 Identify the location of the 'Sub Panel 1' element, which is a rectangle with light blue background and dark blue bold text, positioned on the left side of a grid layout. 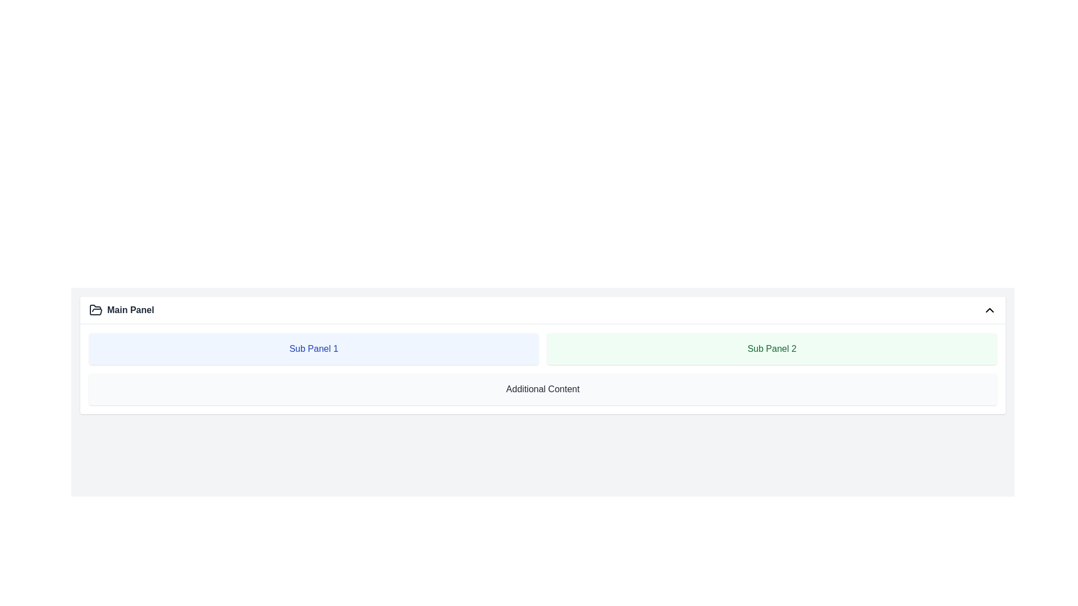
(313, 348).